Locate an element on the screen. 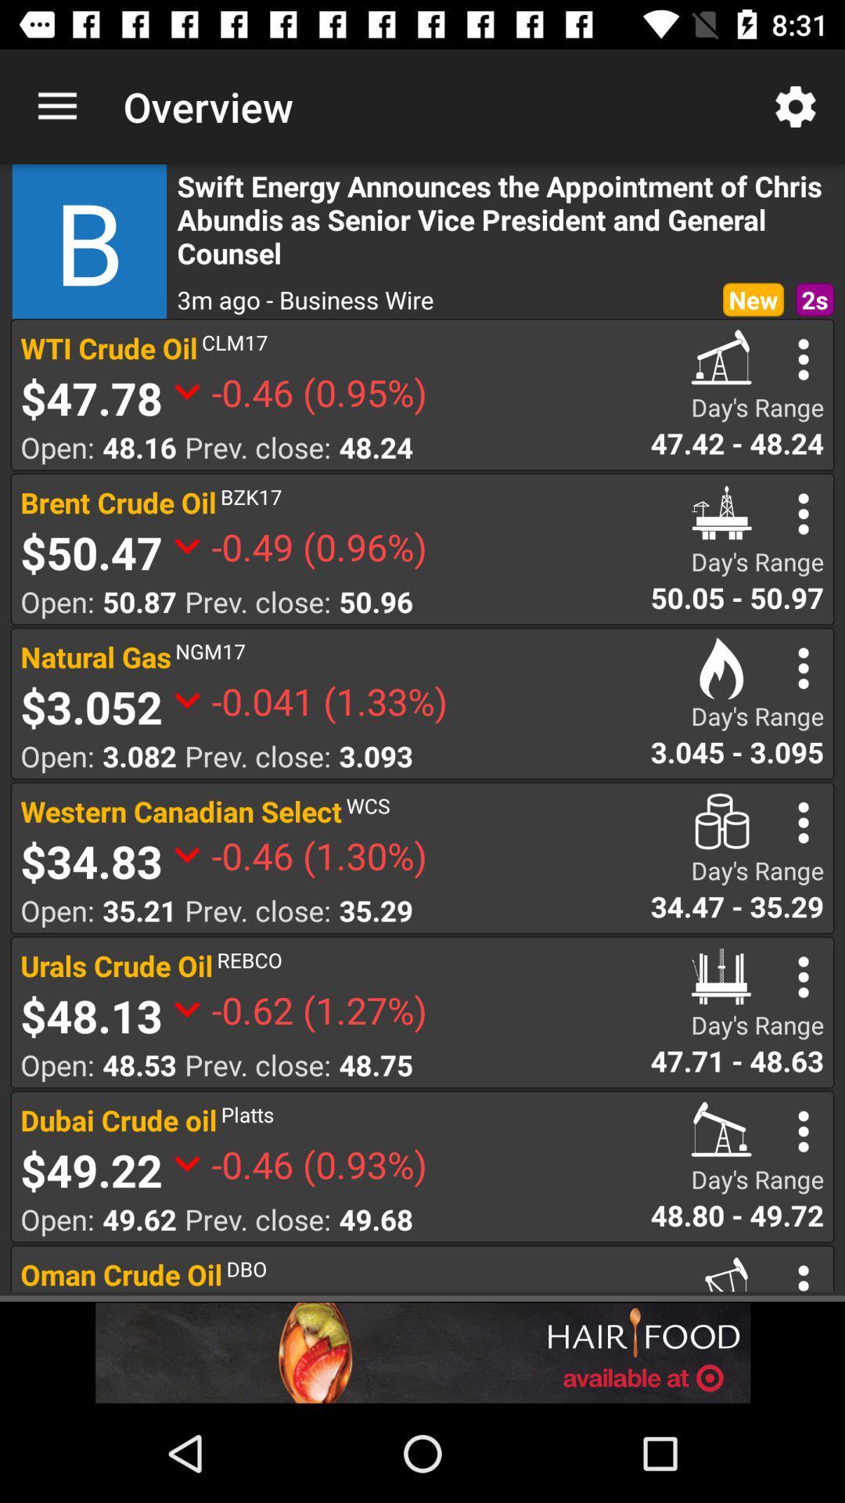 Image resolution: width=845 pixels, height=1503 pixels. advertisement bar is located at coordinates (422, 1352).